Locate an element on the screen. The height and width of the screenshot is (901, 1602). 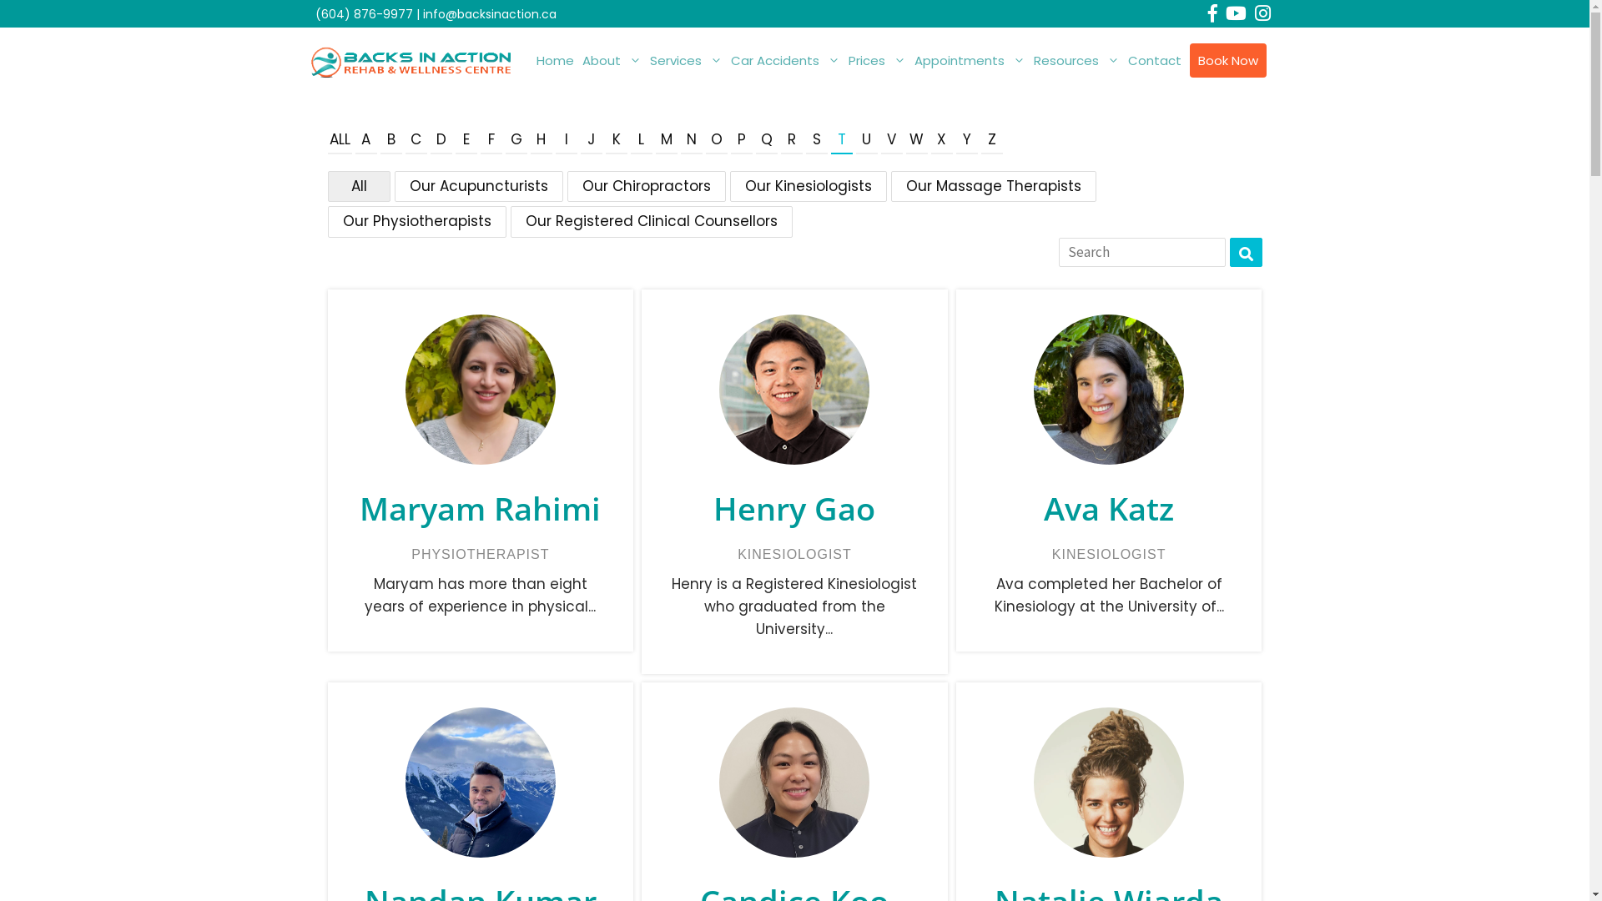
'R' is located at coordinates (791, 140).